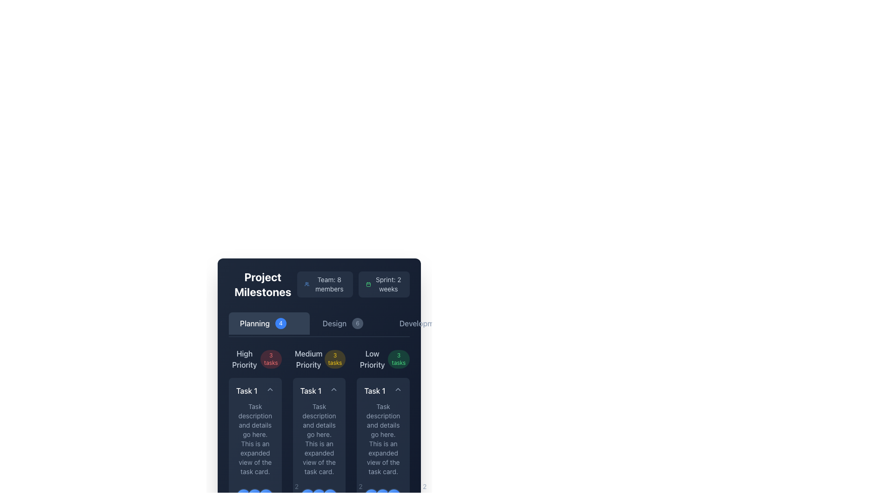 The image size is (893, 502). I want to click on the Text label in the header section of the task card labeled 'Medium Priority', so click(319, 390).